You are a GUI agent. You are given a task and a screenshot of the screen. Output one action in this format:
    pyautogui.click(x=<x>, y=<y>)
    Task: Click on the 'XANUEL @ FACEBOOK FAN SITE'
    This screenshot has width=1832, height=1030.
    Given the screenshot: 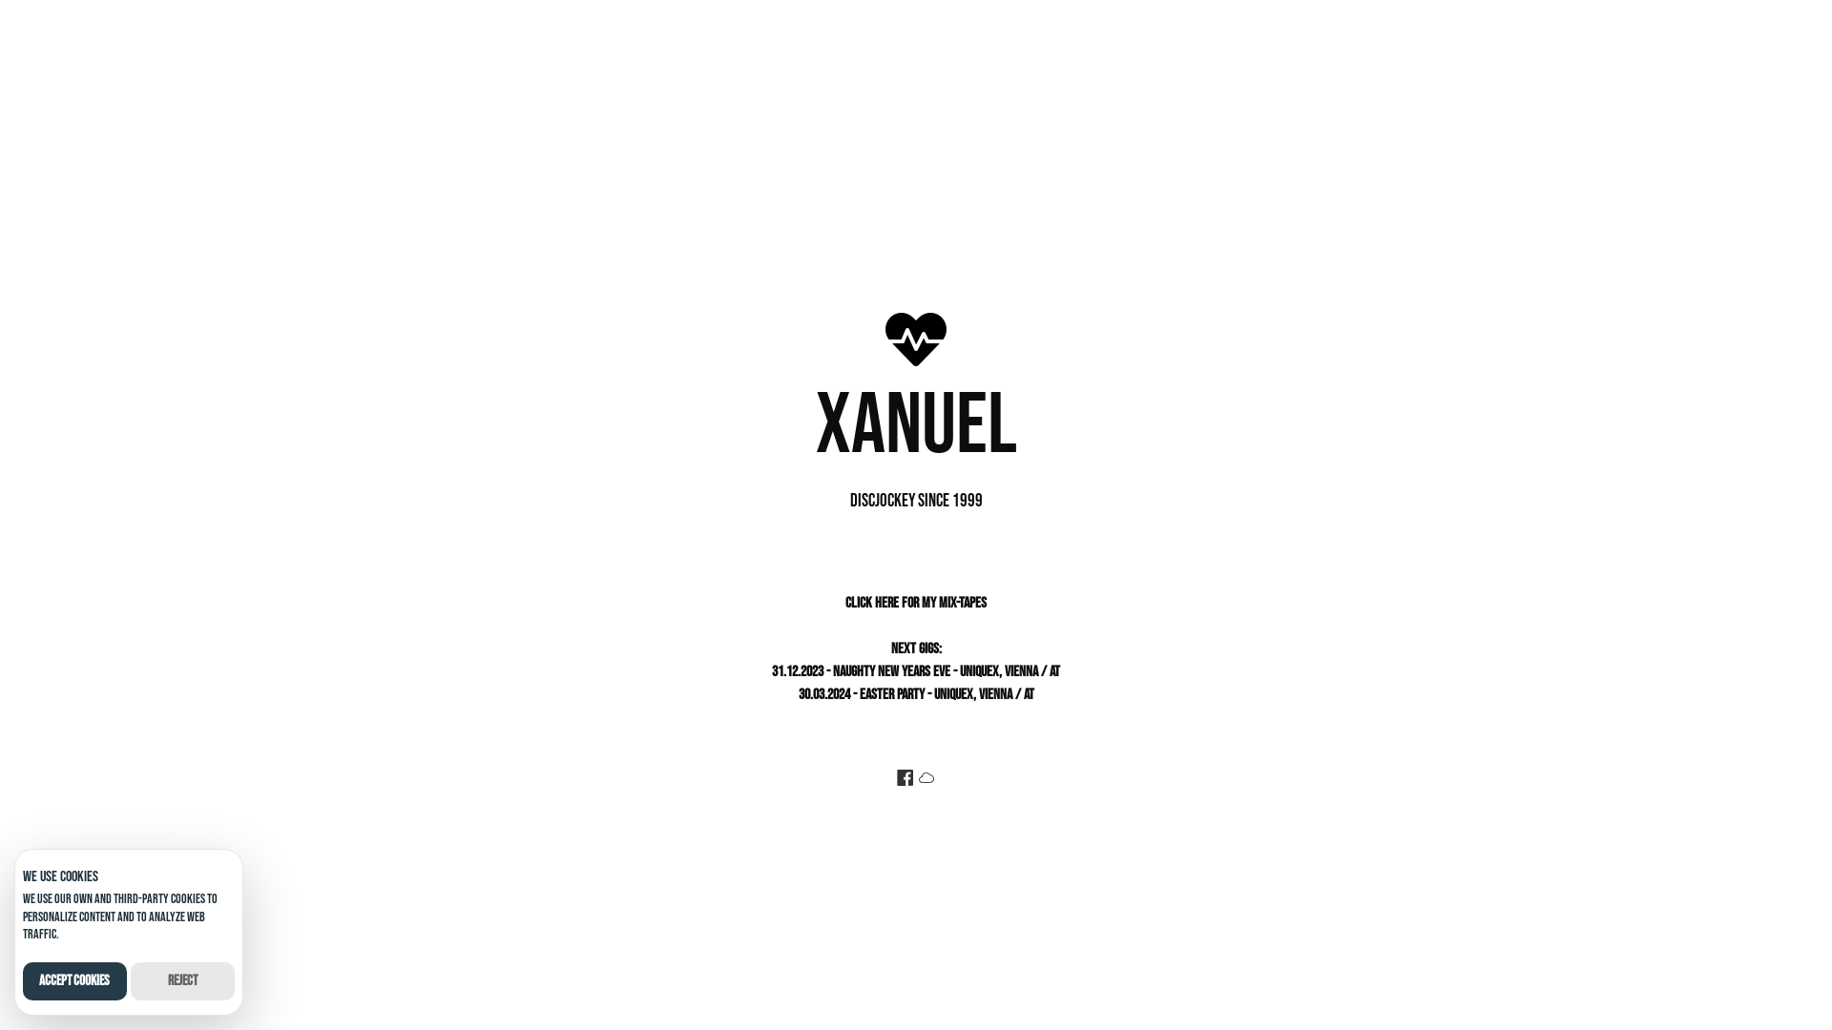 What is the action you would take?
    pyautogui.click(x=904, y=779)
    